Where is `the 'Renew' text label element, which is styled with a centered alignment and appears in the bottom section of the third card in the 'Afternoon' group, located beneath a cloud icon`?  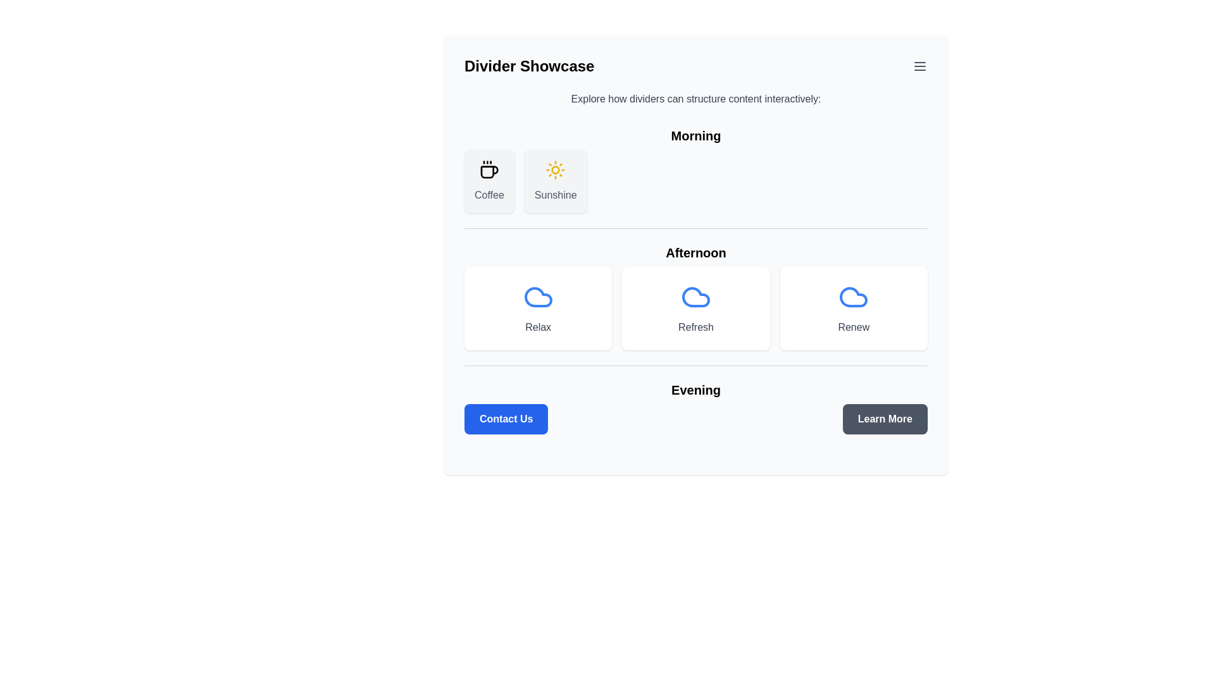 the 'Renew' text label element, which is styled with a centered alignment and appears in the bottom section of the third card in the 'Afternoon' group, located beneath a cloud icon is located at coordinates (854, 326).